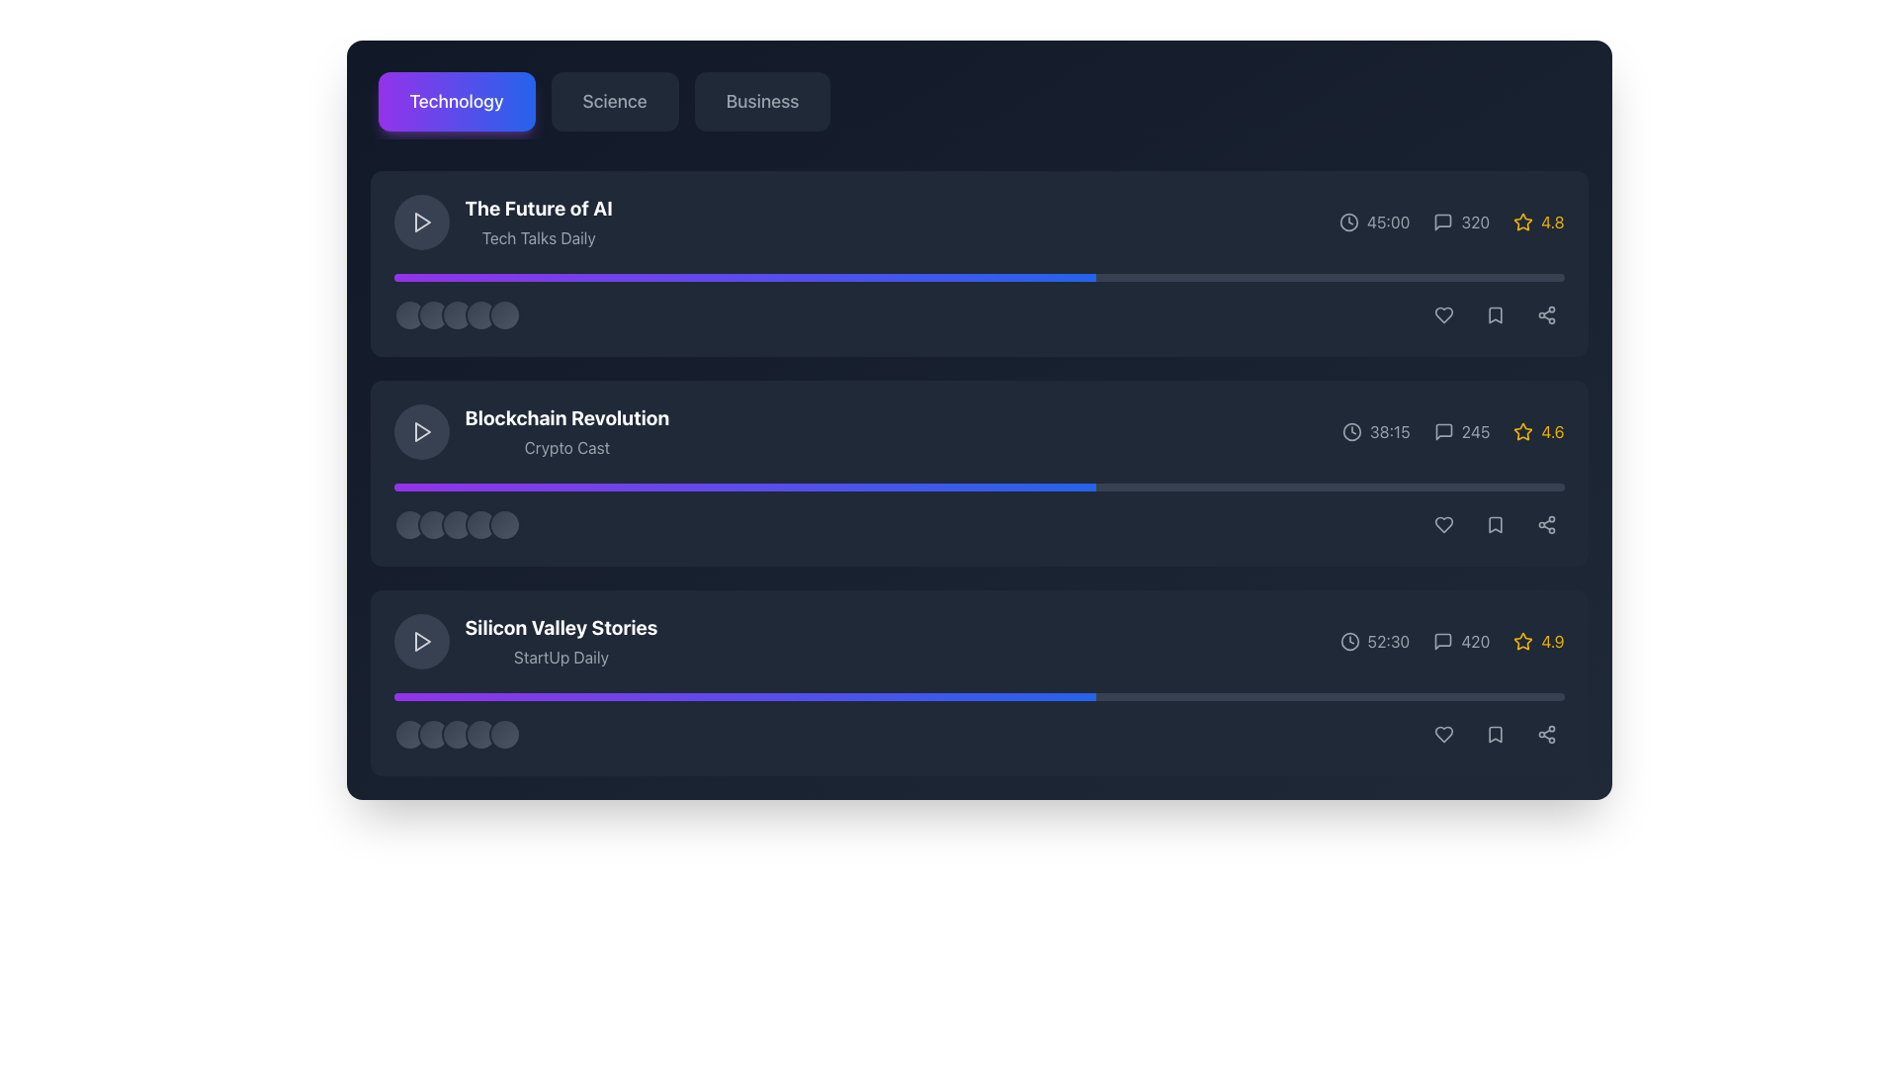 This screenshot has height=1068, width=1898. Describe the element at coordinates (1443, 641) in the screenshot. I see `the comments icon located near the bottom-right corner of the third media item, which represents the messaging functionality for that item` at that location.